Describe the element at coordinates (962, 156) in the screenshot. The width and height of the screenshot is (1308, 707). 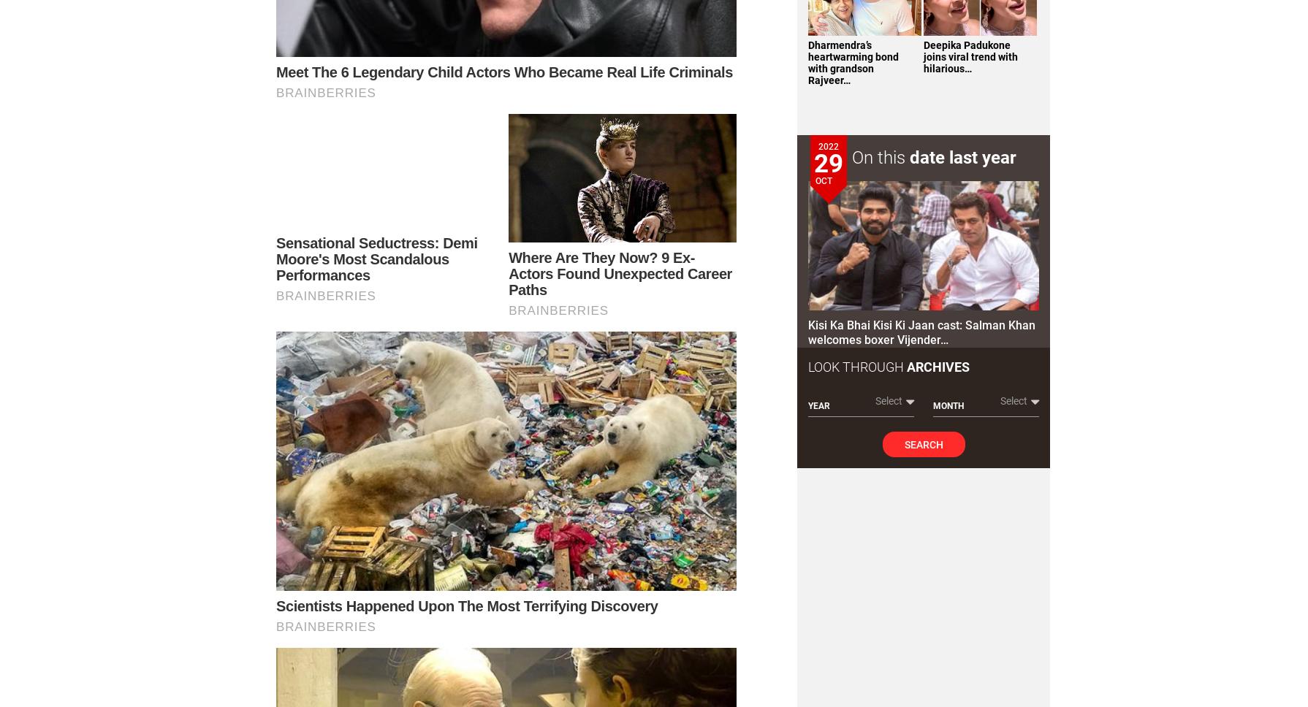
I see `'date last year'` at that location.